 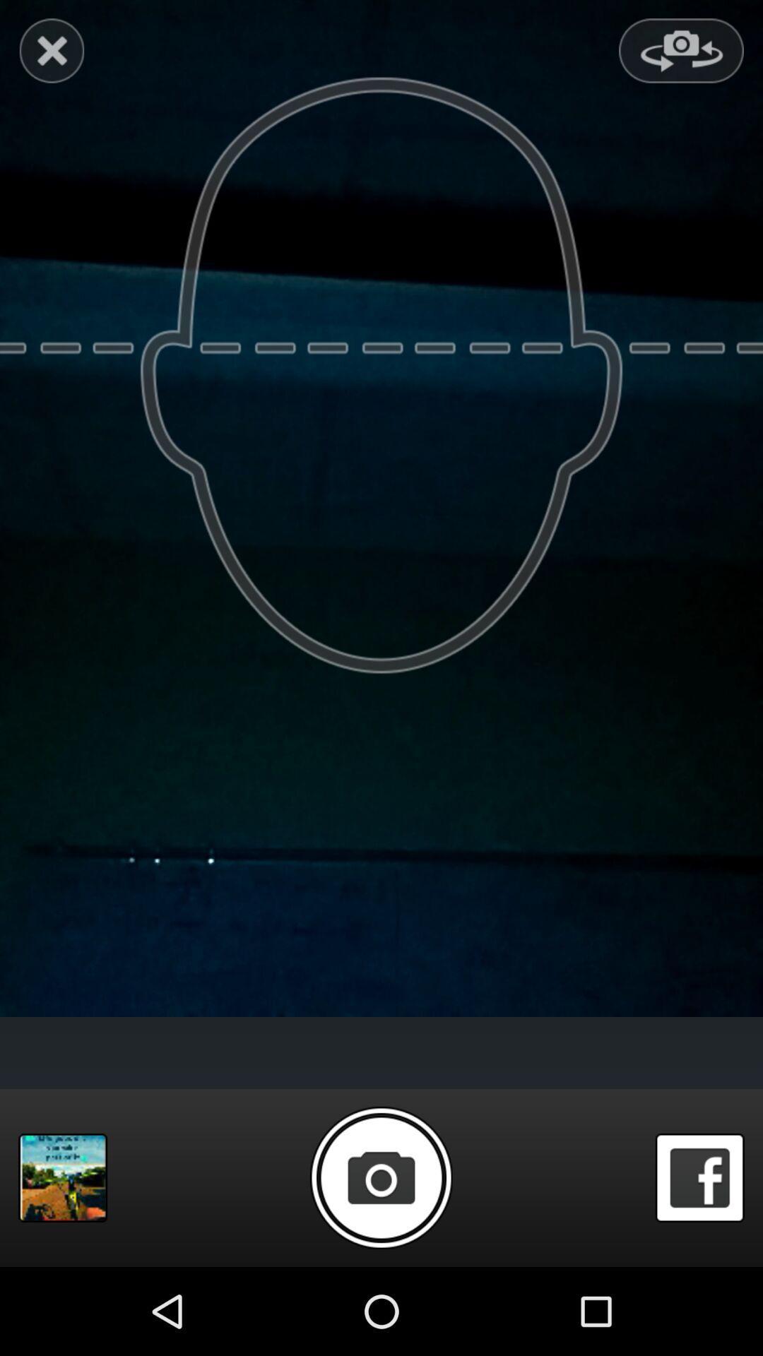 I want to click on the facebook icon, so click(x=699, y=1261).